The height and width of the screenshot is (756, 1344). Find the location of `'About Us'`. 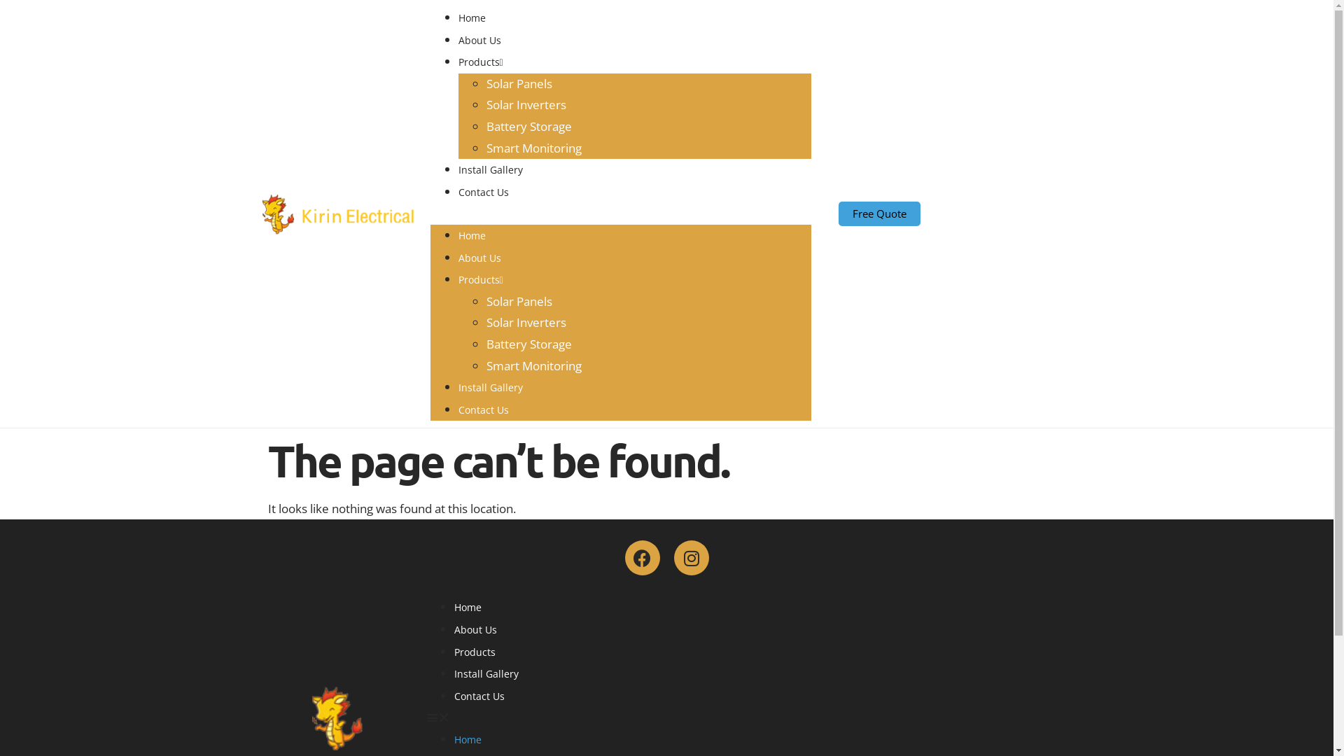

'About Us' is located at coordinates (475, 629).